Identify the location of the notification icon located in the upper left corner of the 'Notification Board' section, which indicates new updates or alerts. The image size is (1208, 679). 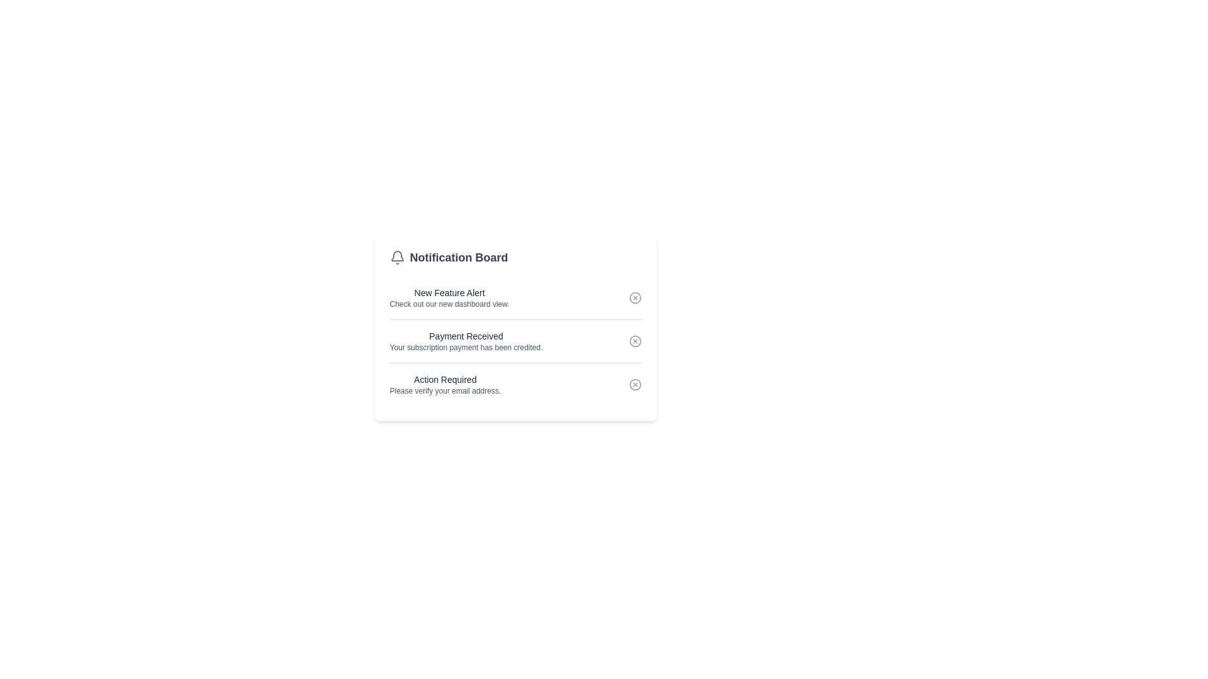
(396, 257).